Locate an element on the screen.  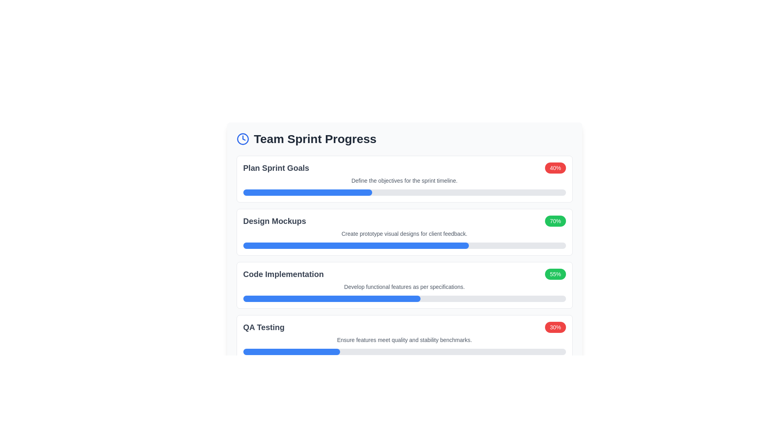
the text label that reads 'Develop functional features as per specifications.' which is located under the heading 'Code Implementation' and above the progress indicator is located at coordinates (404, 287).